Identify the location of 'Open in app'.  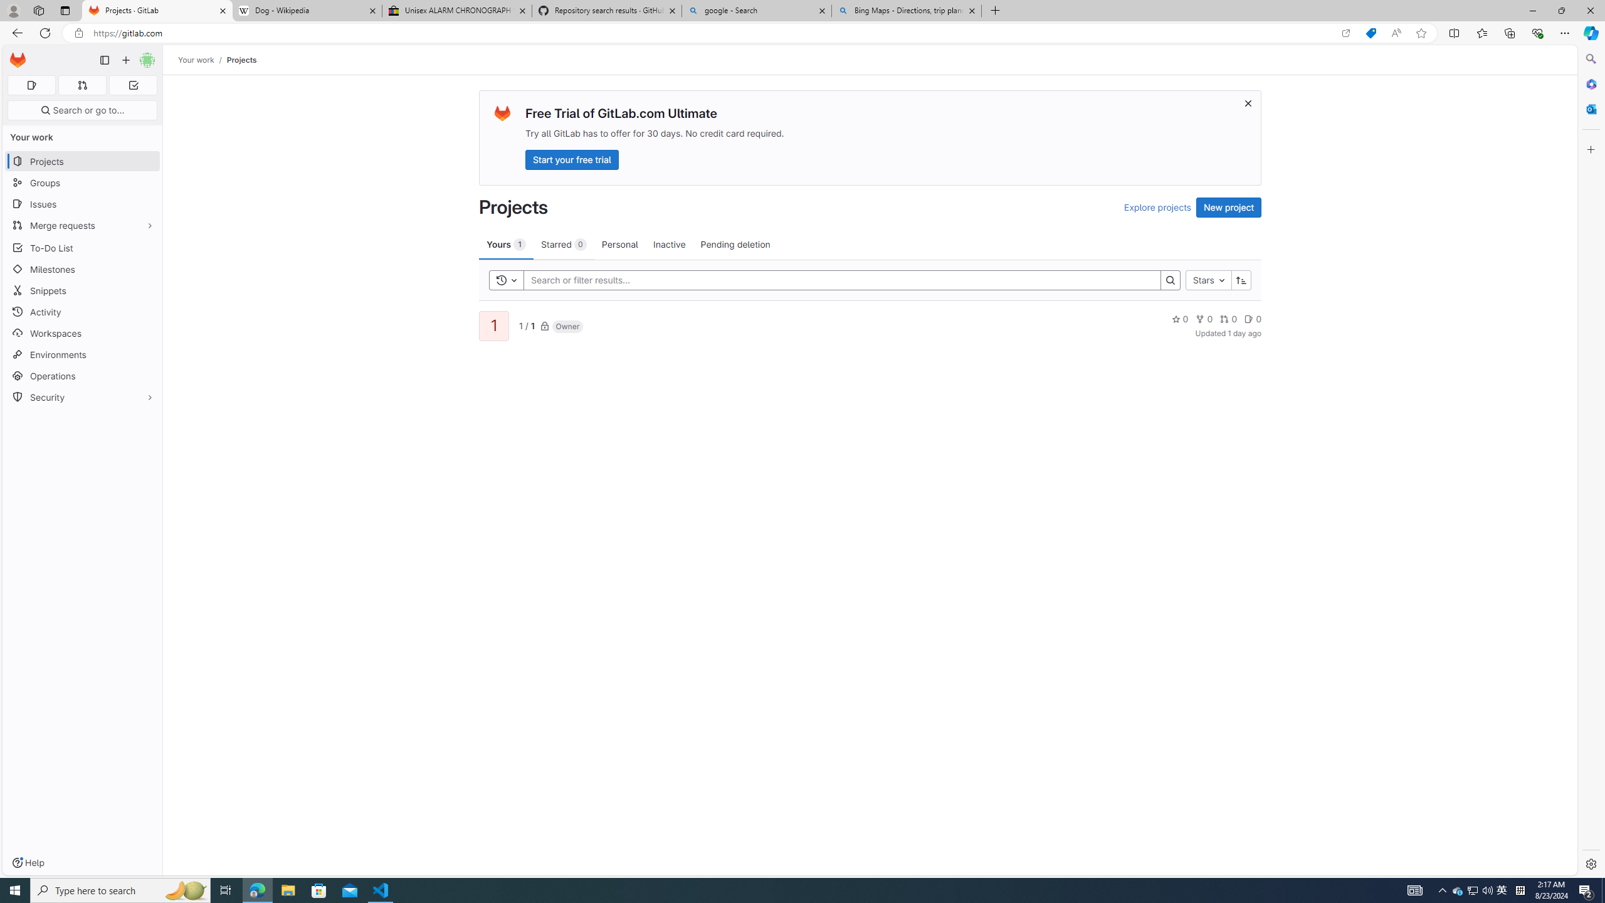
(1345, 33).